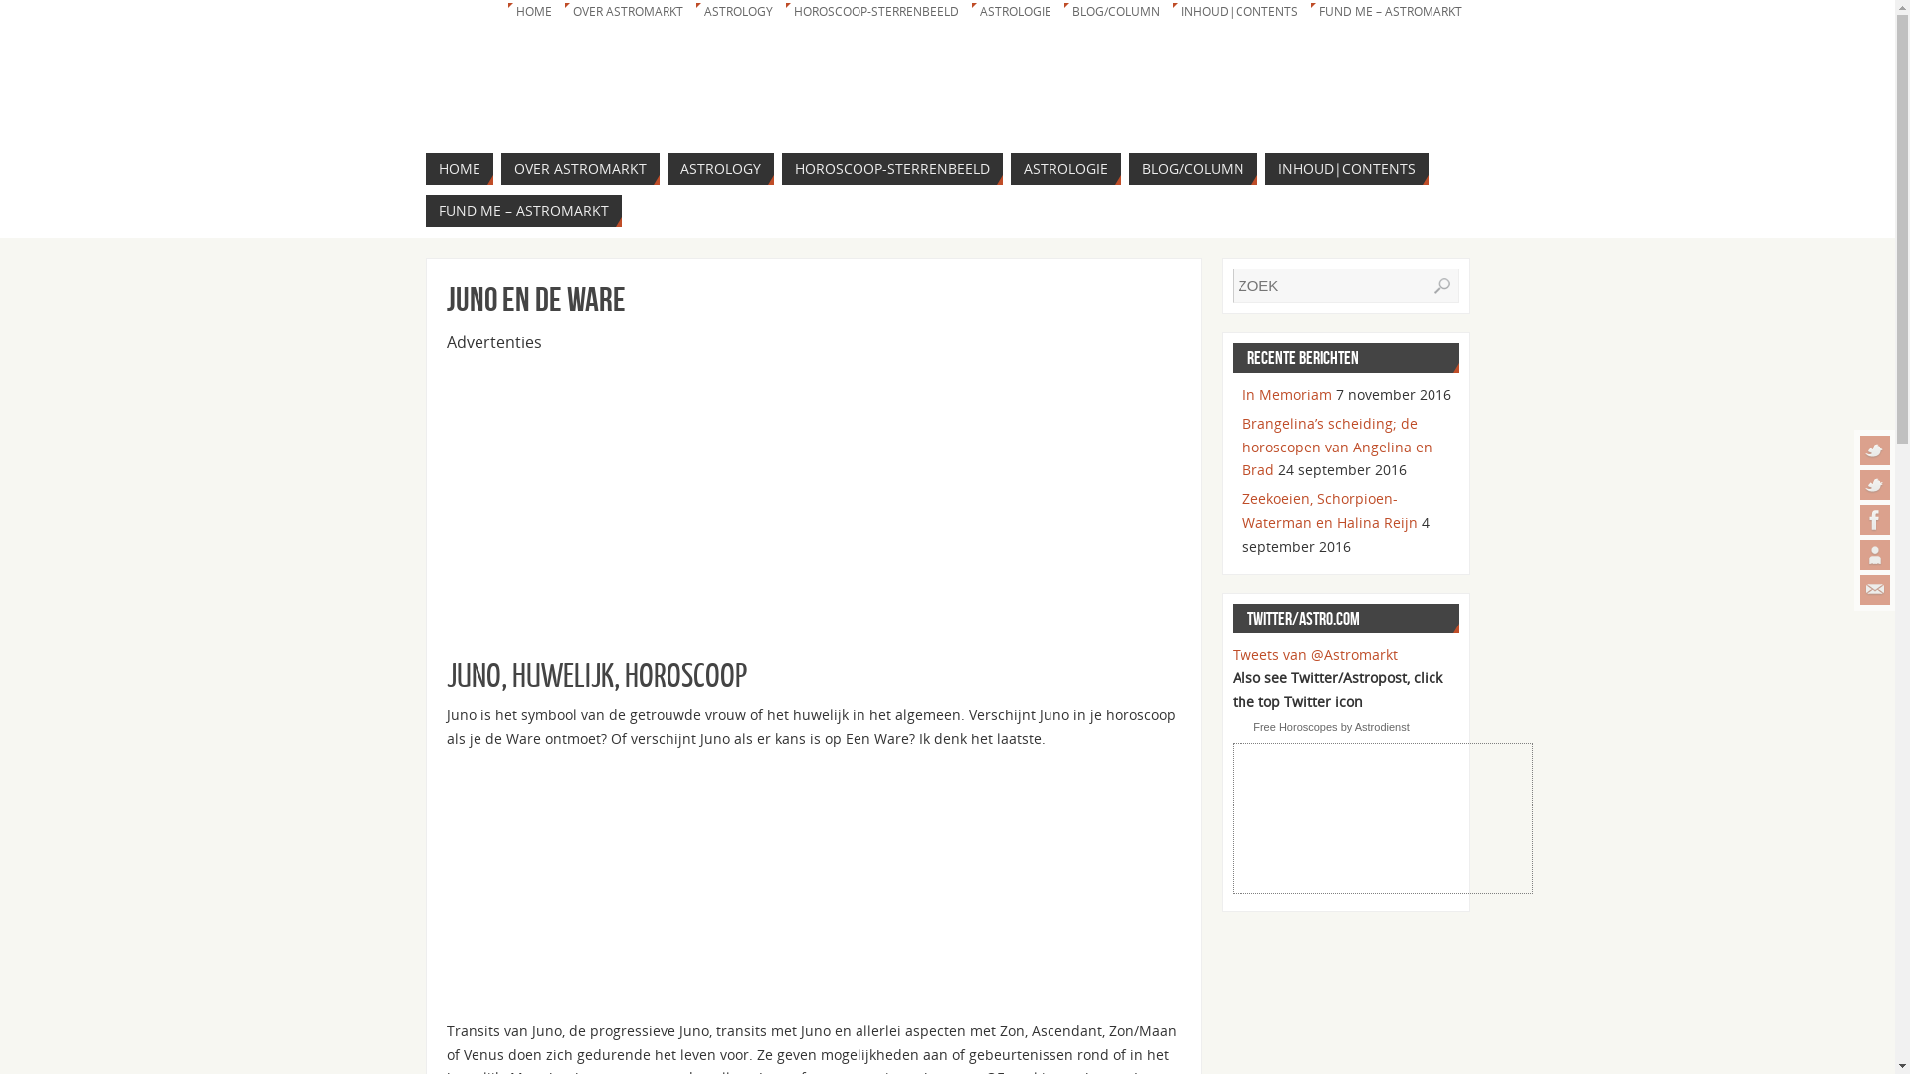 This screenshot has height=1074, width=1910. Describe the element at coordinates (1874, 555) in the screenshot. I see `'AboutMe'` at that location.